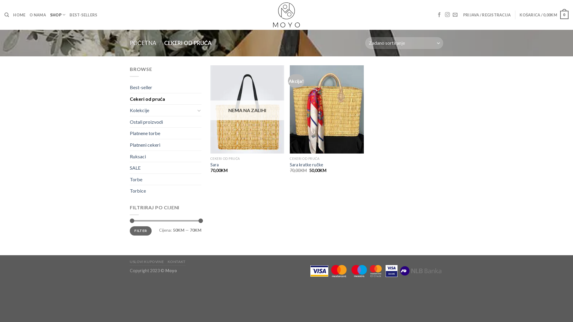 This screenshot has width=573, height=322. I want to click on 'PRIJAVA / REGISTRACIJA', so click(487, 15).